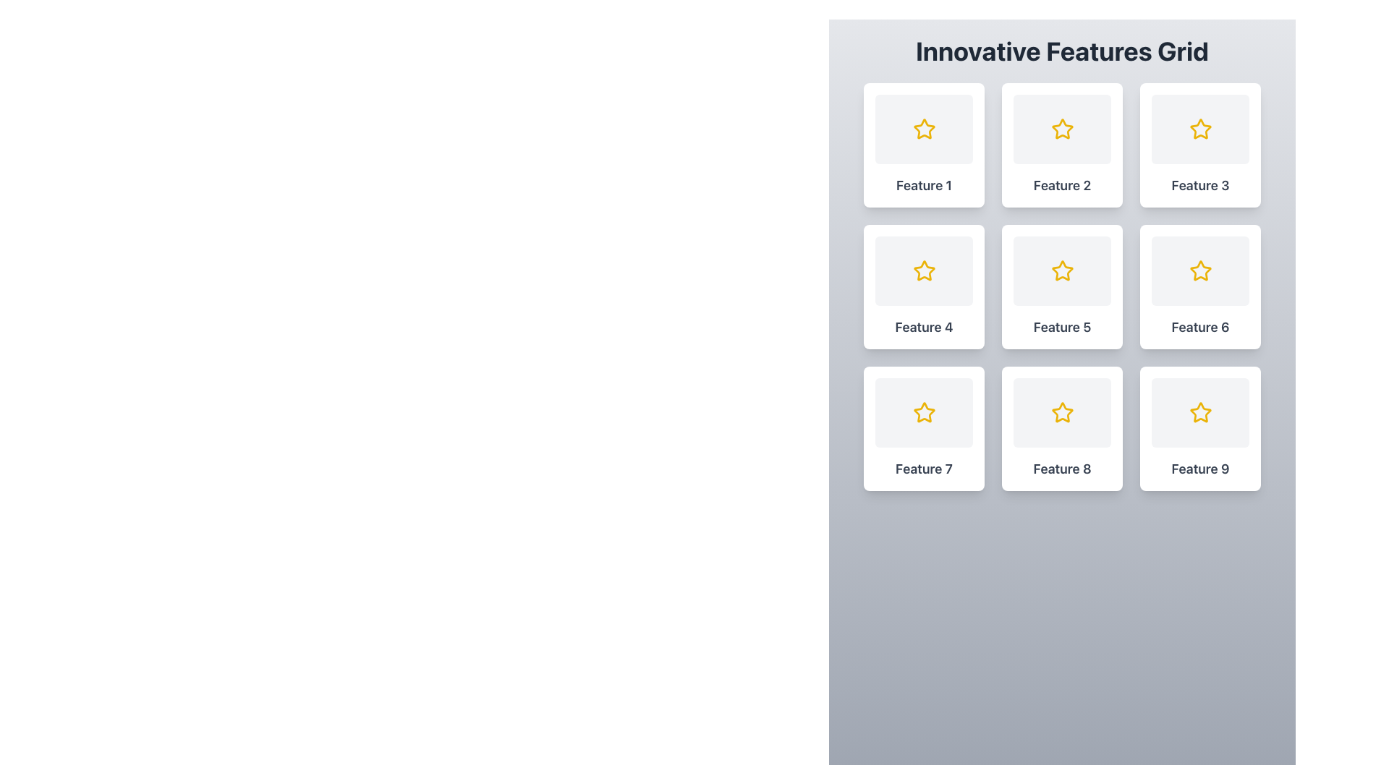 Image resolution: width=1389 pixels, height=781 pixels. Describe the element at coordinates (923, 128) in the screenshot. I see `the star icon located in the top-left corner of a 3x3 grid layout` at that location.